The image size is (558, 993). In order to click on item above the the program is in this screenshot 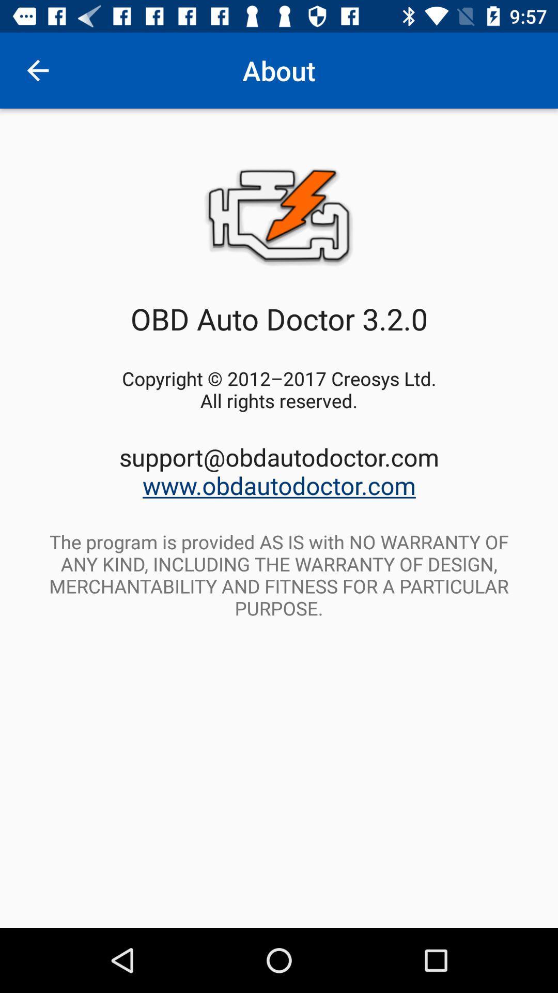, I will do `click(279, 471)`.